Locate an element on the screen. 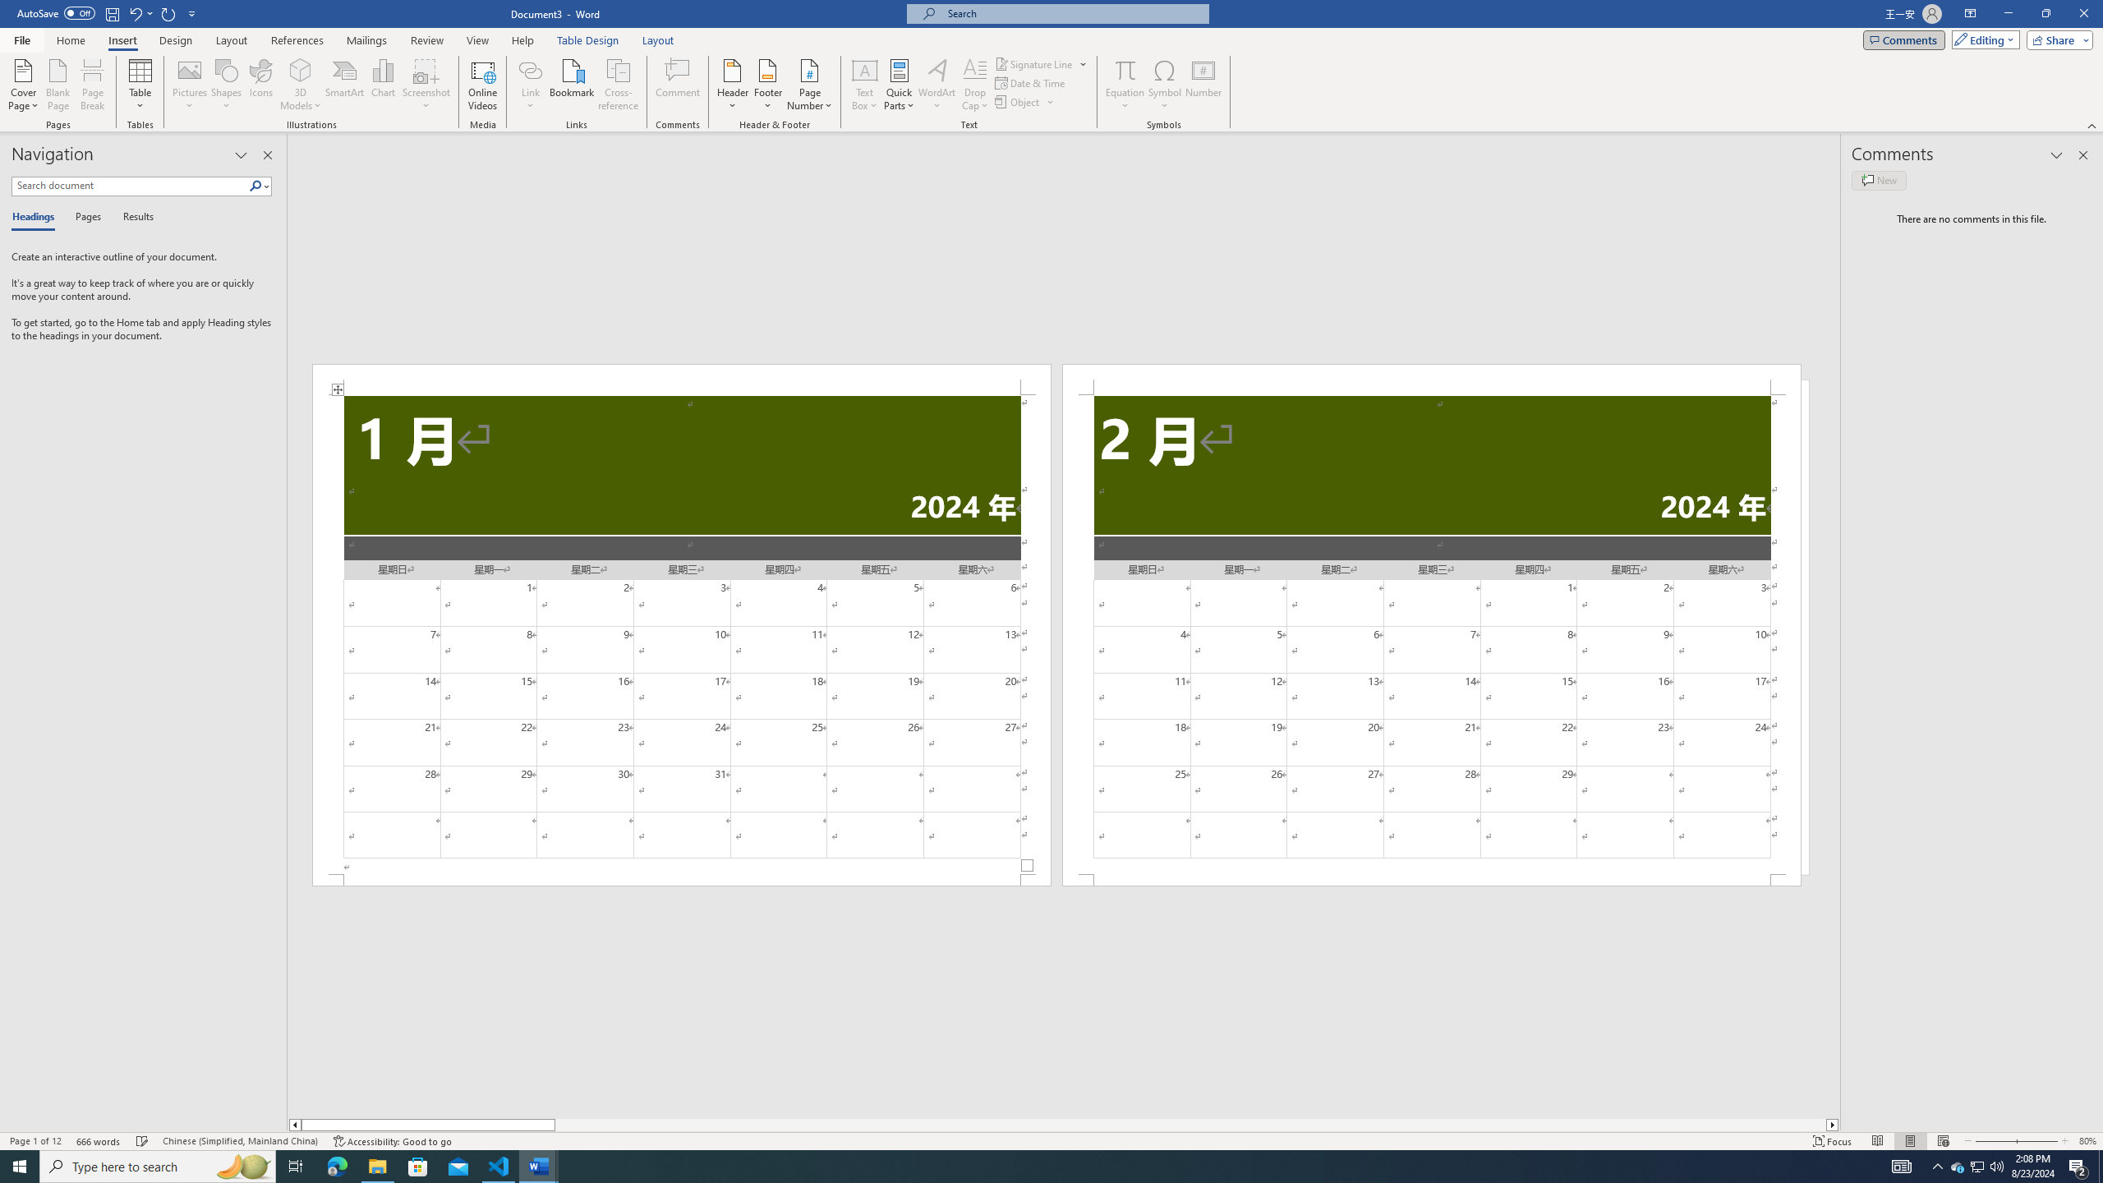 Image resolution: width=2103 pixels, height=1183 pixels. 'Accessibility Checker Accessibility: Good to go' is located at coordinates (391, 1141).